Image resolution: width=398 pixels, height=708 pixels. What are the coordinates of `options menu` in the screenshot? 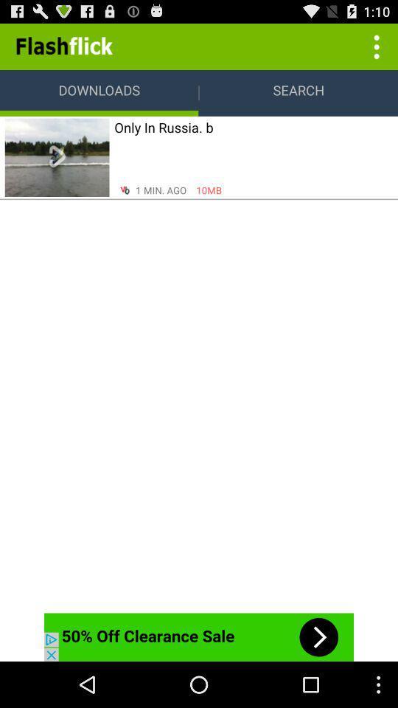 It's located at (374, 46).